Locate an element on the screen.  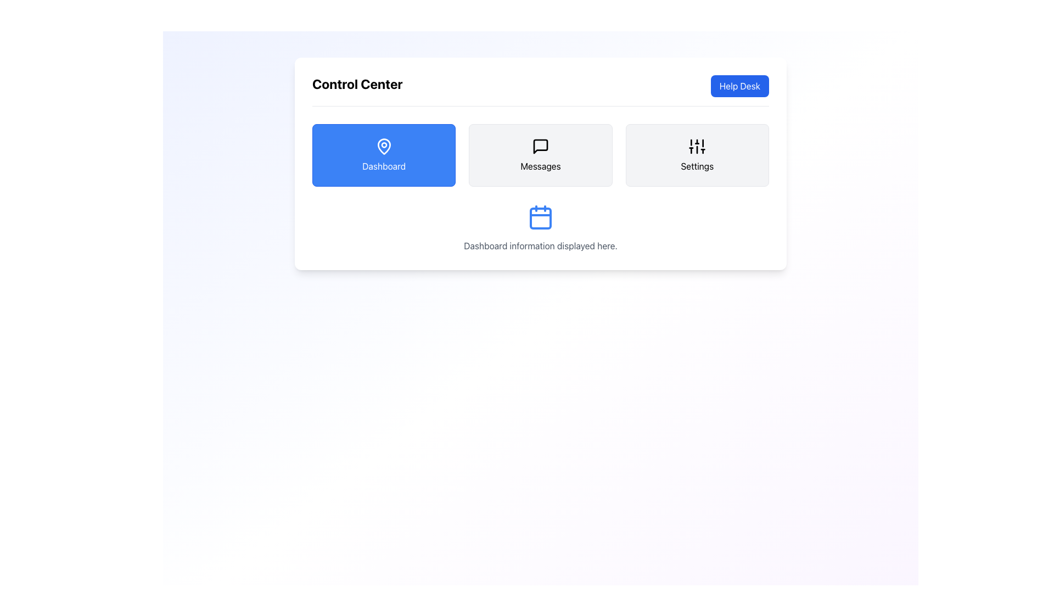
the calendar icon that visually supports date-related features, located beneath the control center header is located at coordinates (540, 217).